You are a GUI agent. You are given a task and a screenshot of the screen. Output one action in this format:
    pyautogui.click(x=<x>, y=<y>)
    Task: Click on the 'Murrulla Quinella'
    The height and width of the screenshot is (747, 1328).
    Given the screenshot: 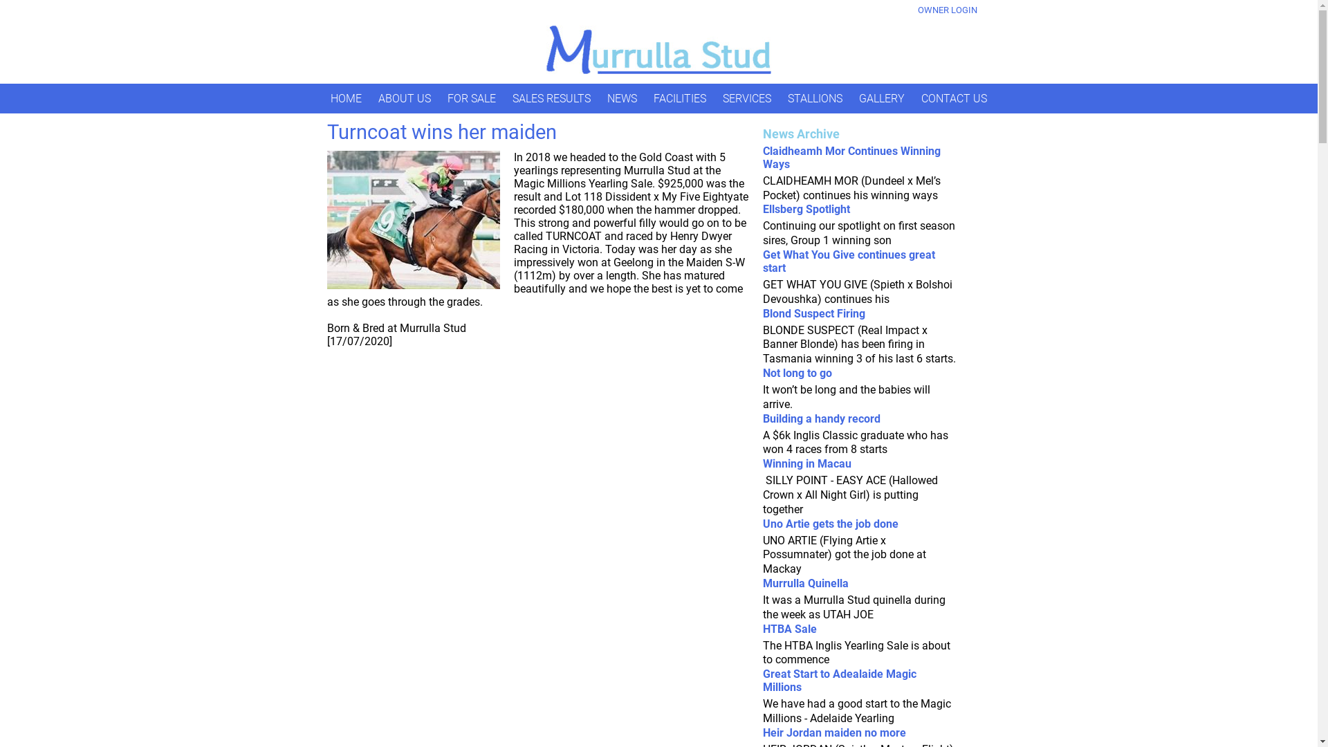 What is the action you would take?
    pyautogui.click(x=804, y=583)
    